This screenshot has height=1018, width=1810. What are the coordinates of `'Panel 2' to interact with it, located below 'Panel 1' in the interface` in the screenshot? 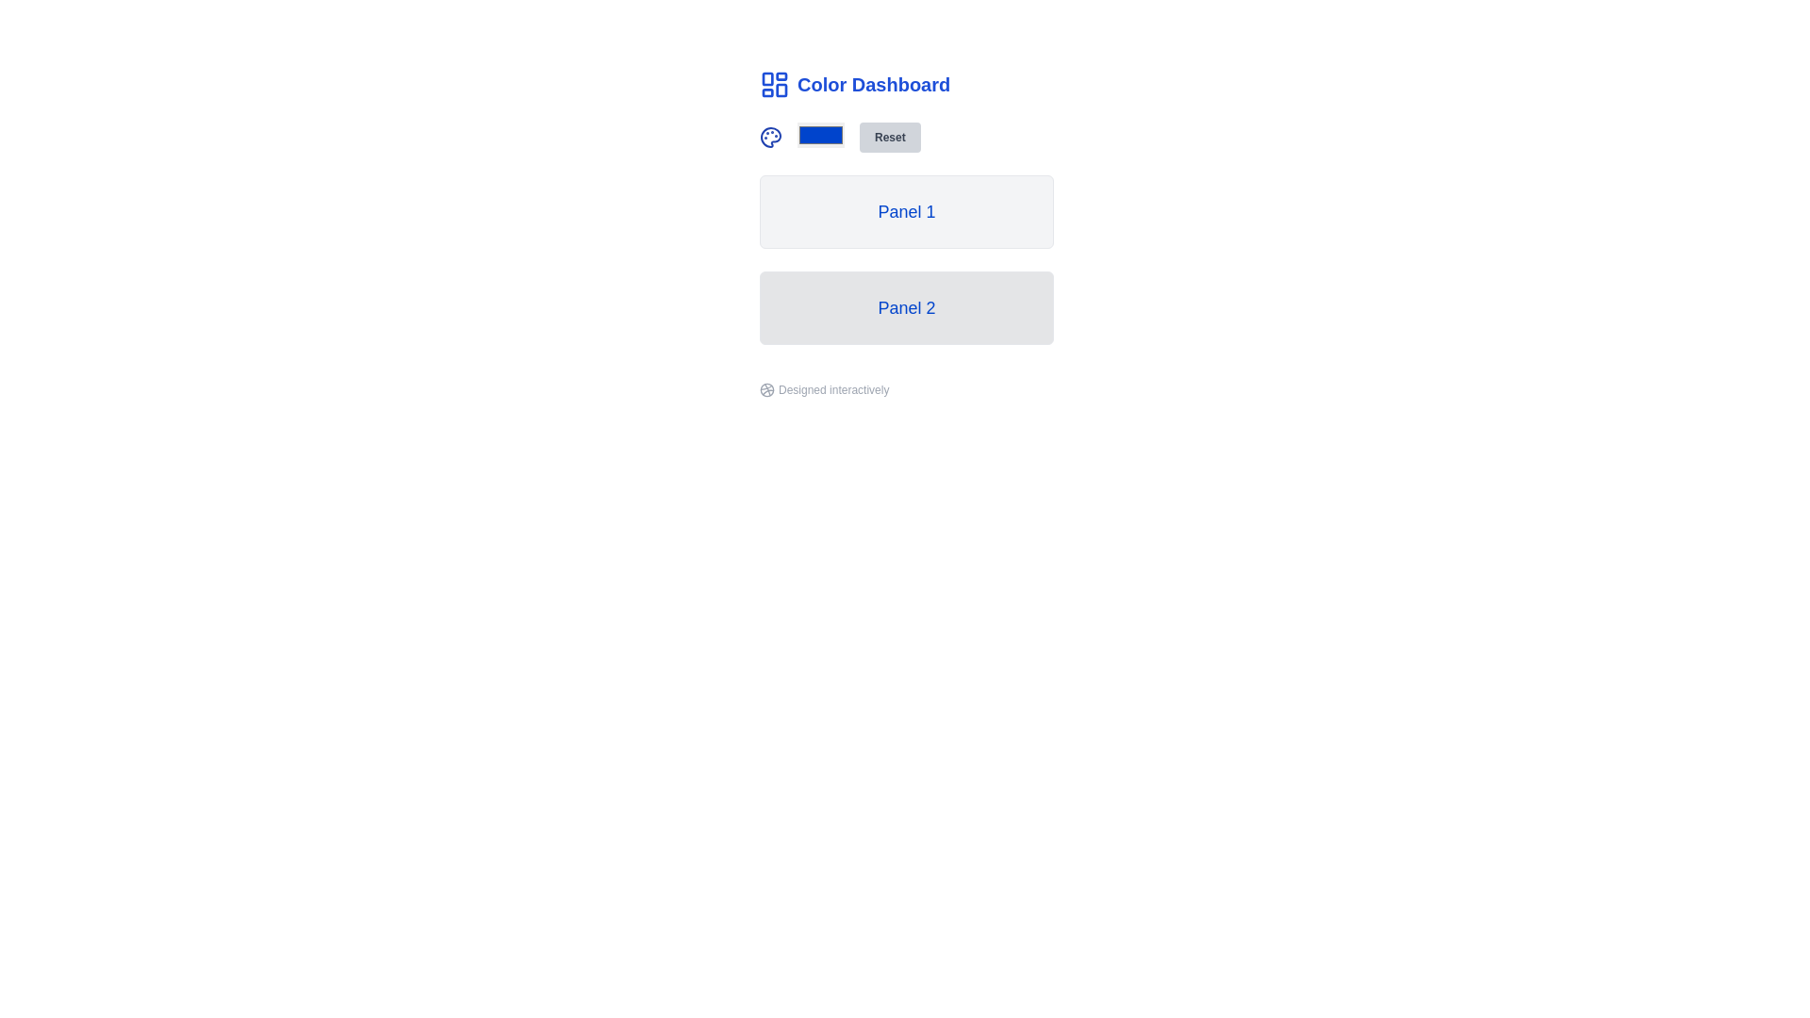 It's located at (906, 307).